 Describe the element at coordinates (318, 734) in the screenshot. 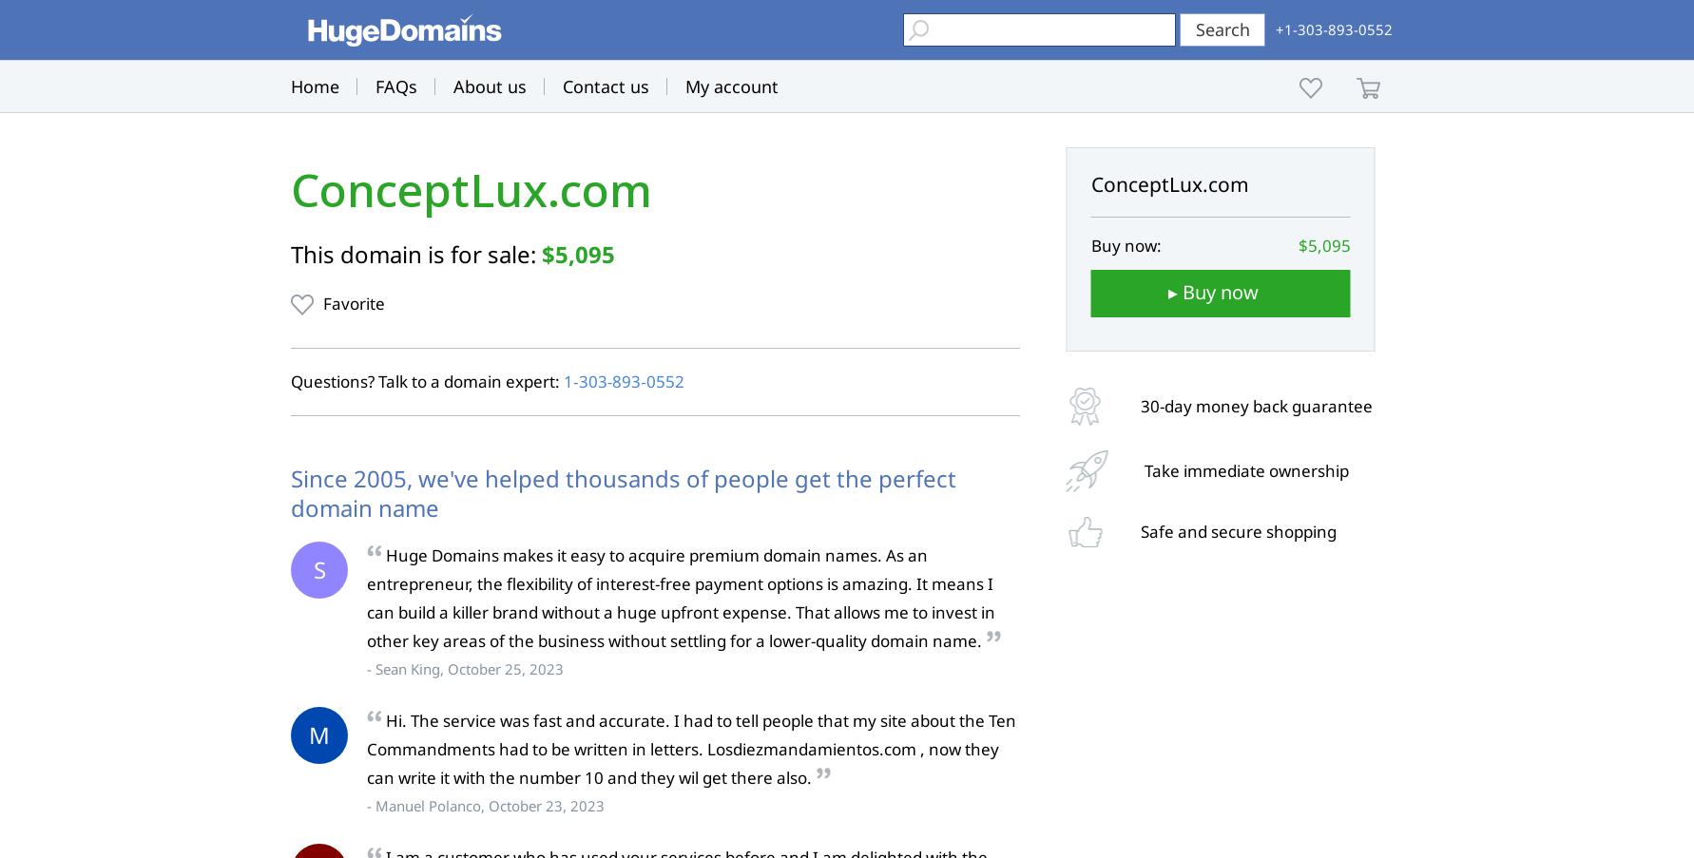

I see `'M'` at that location.